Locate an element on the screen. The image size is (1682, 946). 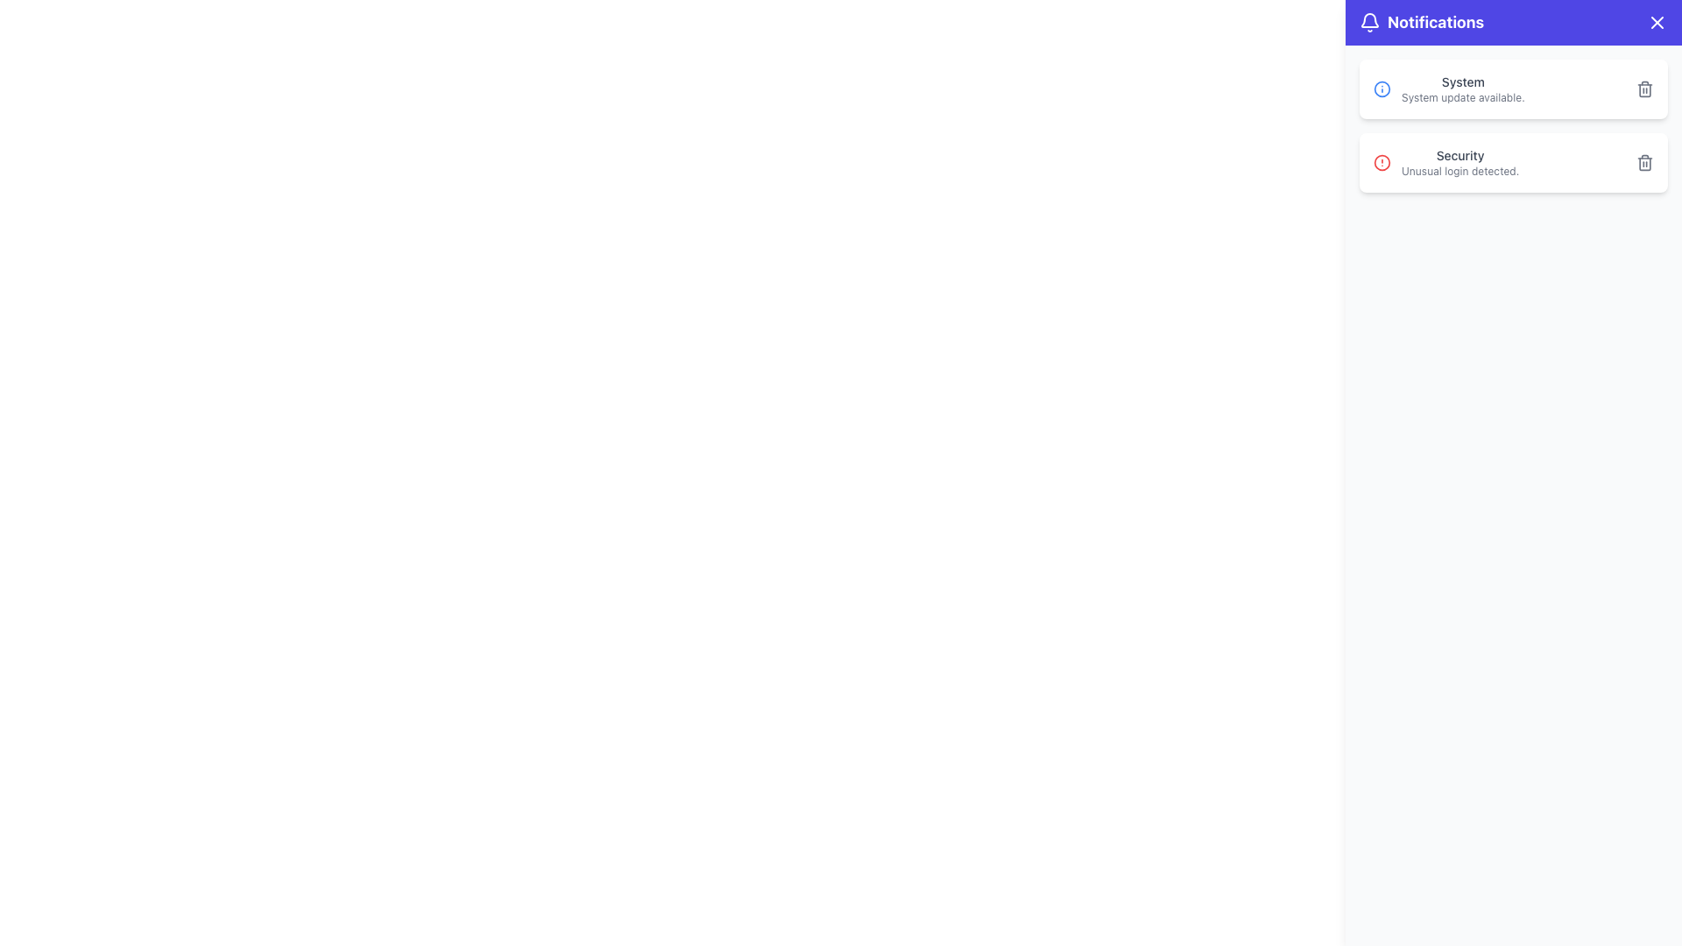
the text label component that provides supplementary information about unusual login activity in the 'Security' notification card, located directly beneath the 'Security' header is located at coordinates (1460, 172).